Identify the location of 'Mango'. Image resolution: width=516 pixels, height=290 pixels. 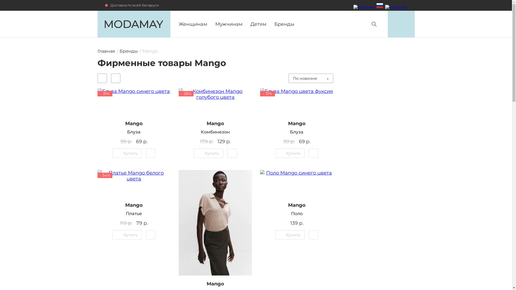
(215, 283).